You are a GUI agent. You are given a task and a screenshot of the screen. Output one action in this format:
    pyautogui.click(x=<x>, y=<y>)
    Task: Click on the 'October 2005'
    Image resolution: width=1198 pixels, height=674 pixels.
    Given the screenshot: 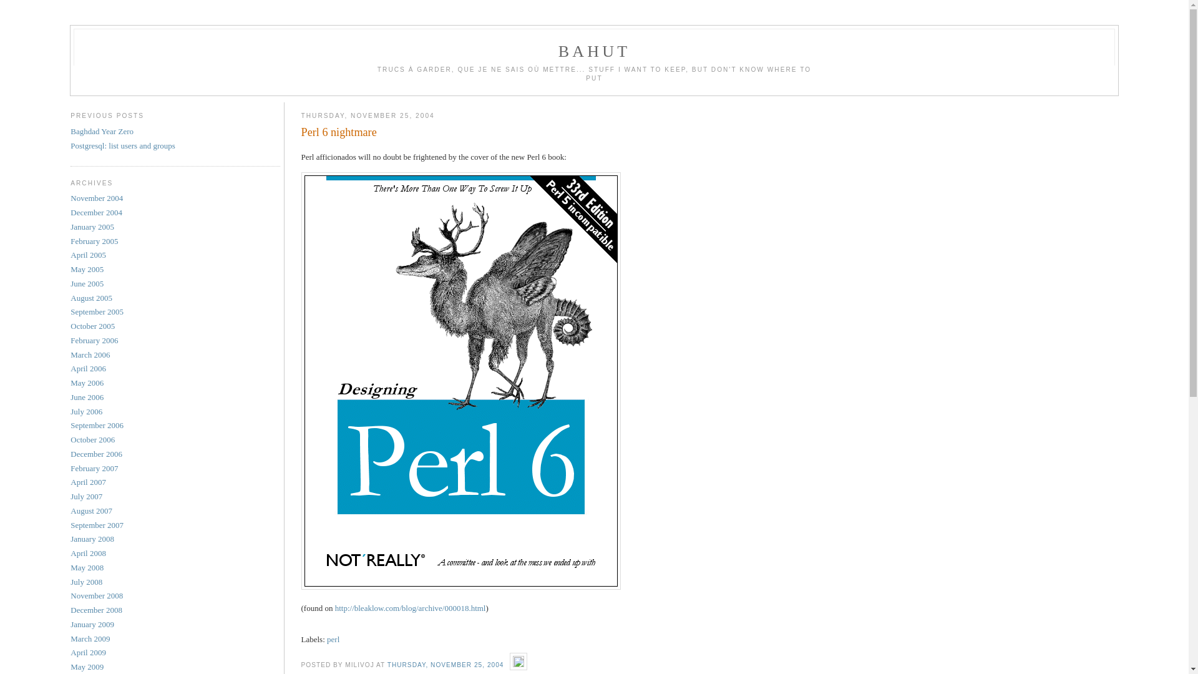 What is the action you would take?
    pyautogui.click(x=92, y=325)
    